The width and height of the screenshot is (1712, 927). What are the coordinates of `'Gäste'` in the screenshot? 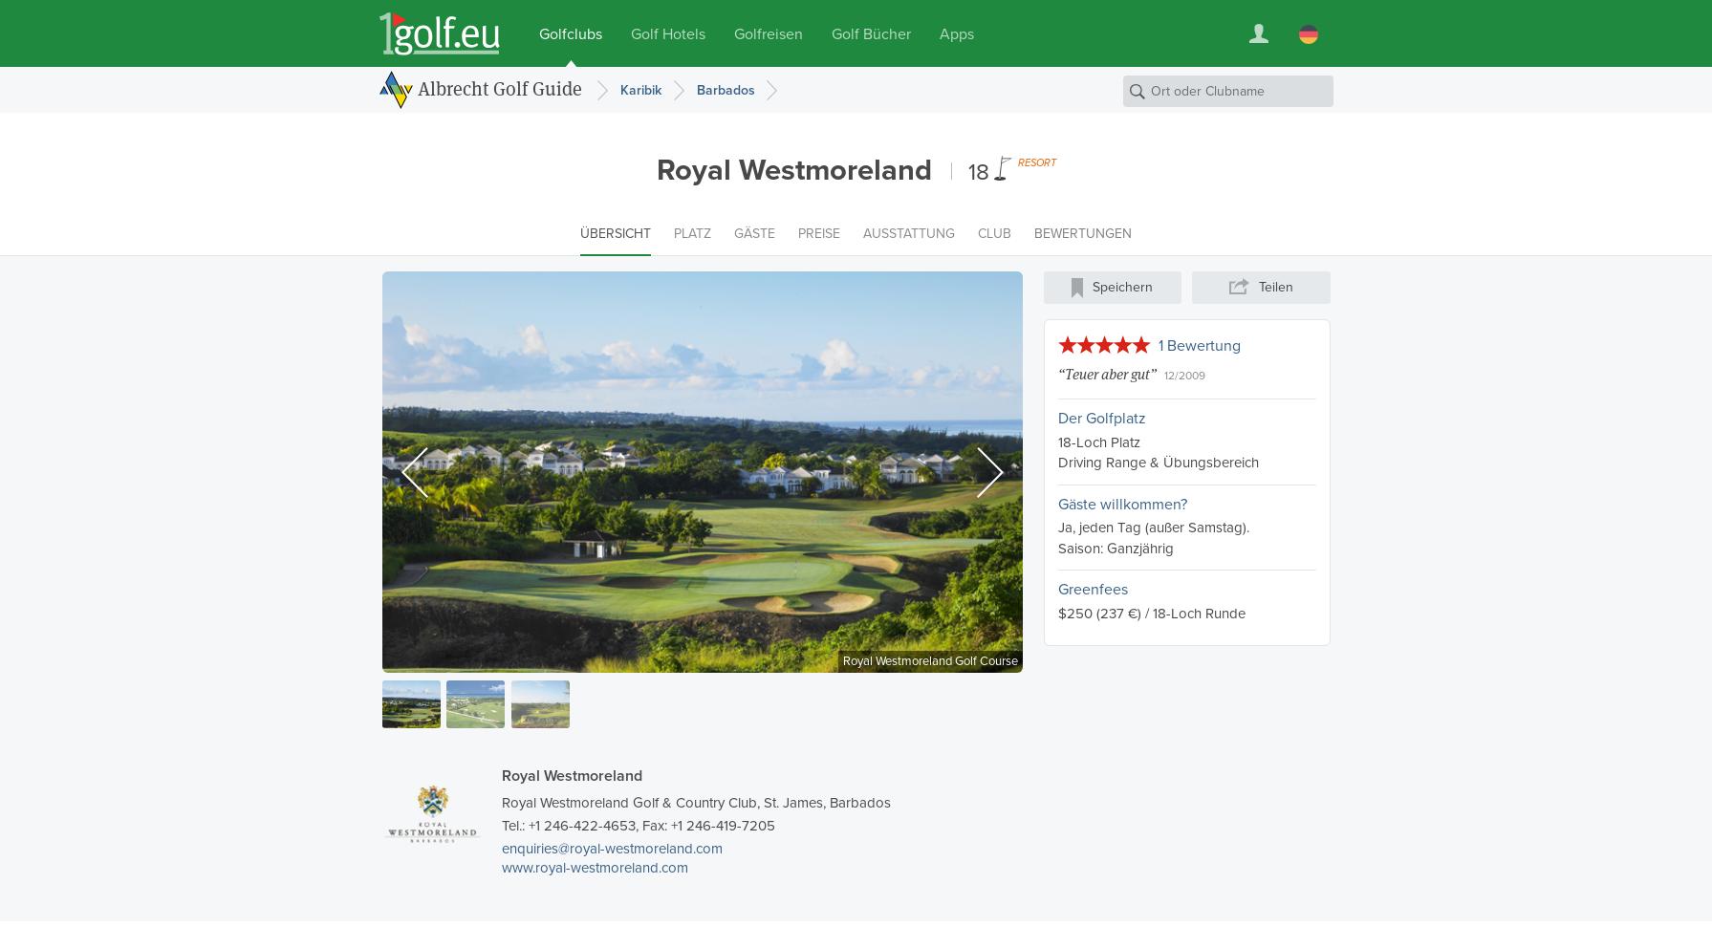 It's located at (754, 231).